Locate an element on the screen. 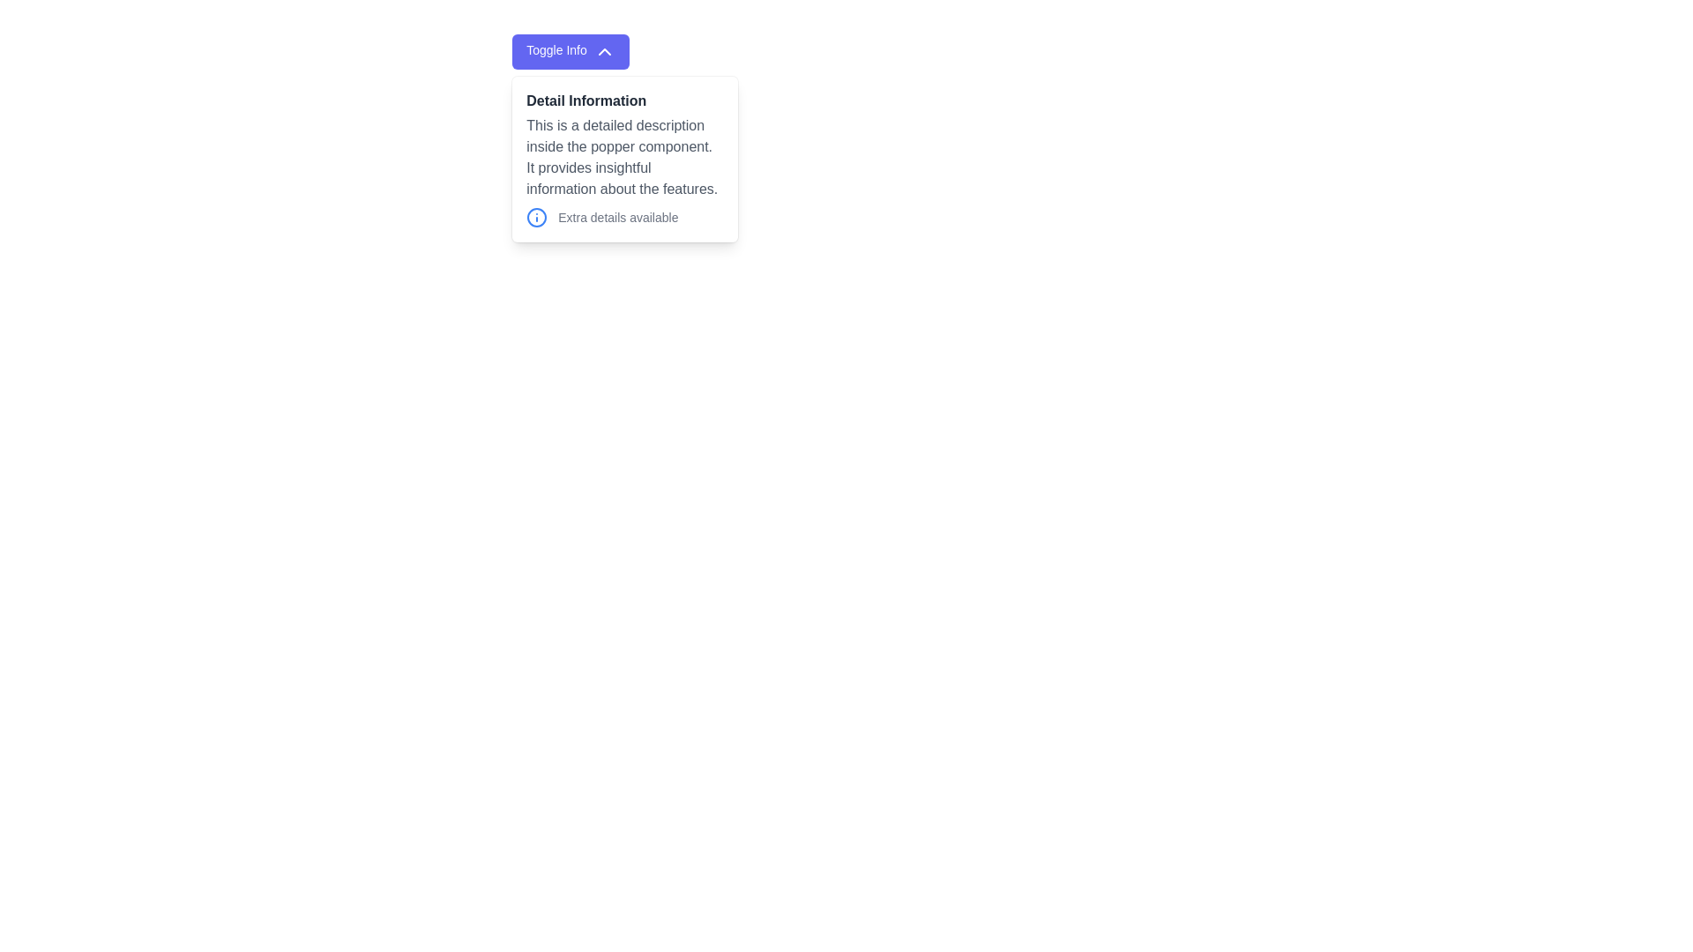 The width and height of the screenshot is (1693, 952). the chevron-up icon located to the right of the 'Toggle Info' text within the rounded rectangular button is located at coordinates (604, 50).